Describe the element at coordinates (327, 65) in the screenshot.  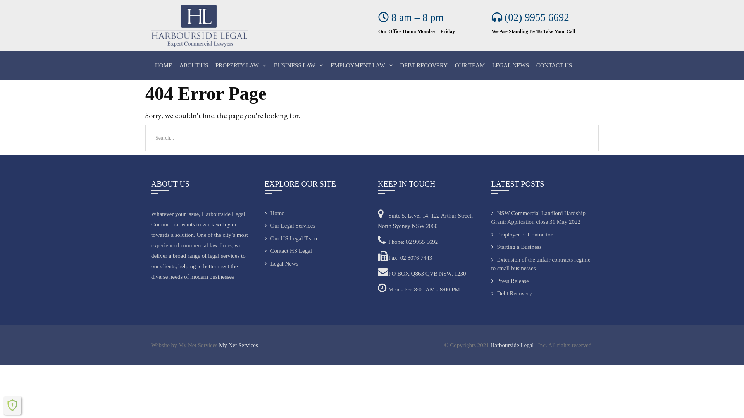
I see `'EMPLOYMENT LAW'` at that location.